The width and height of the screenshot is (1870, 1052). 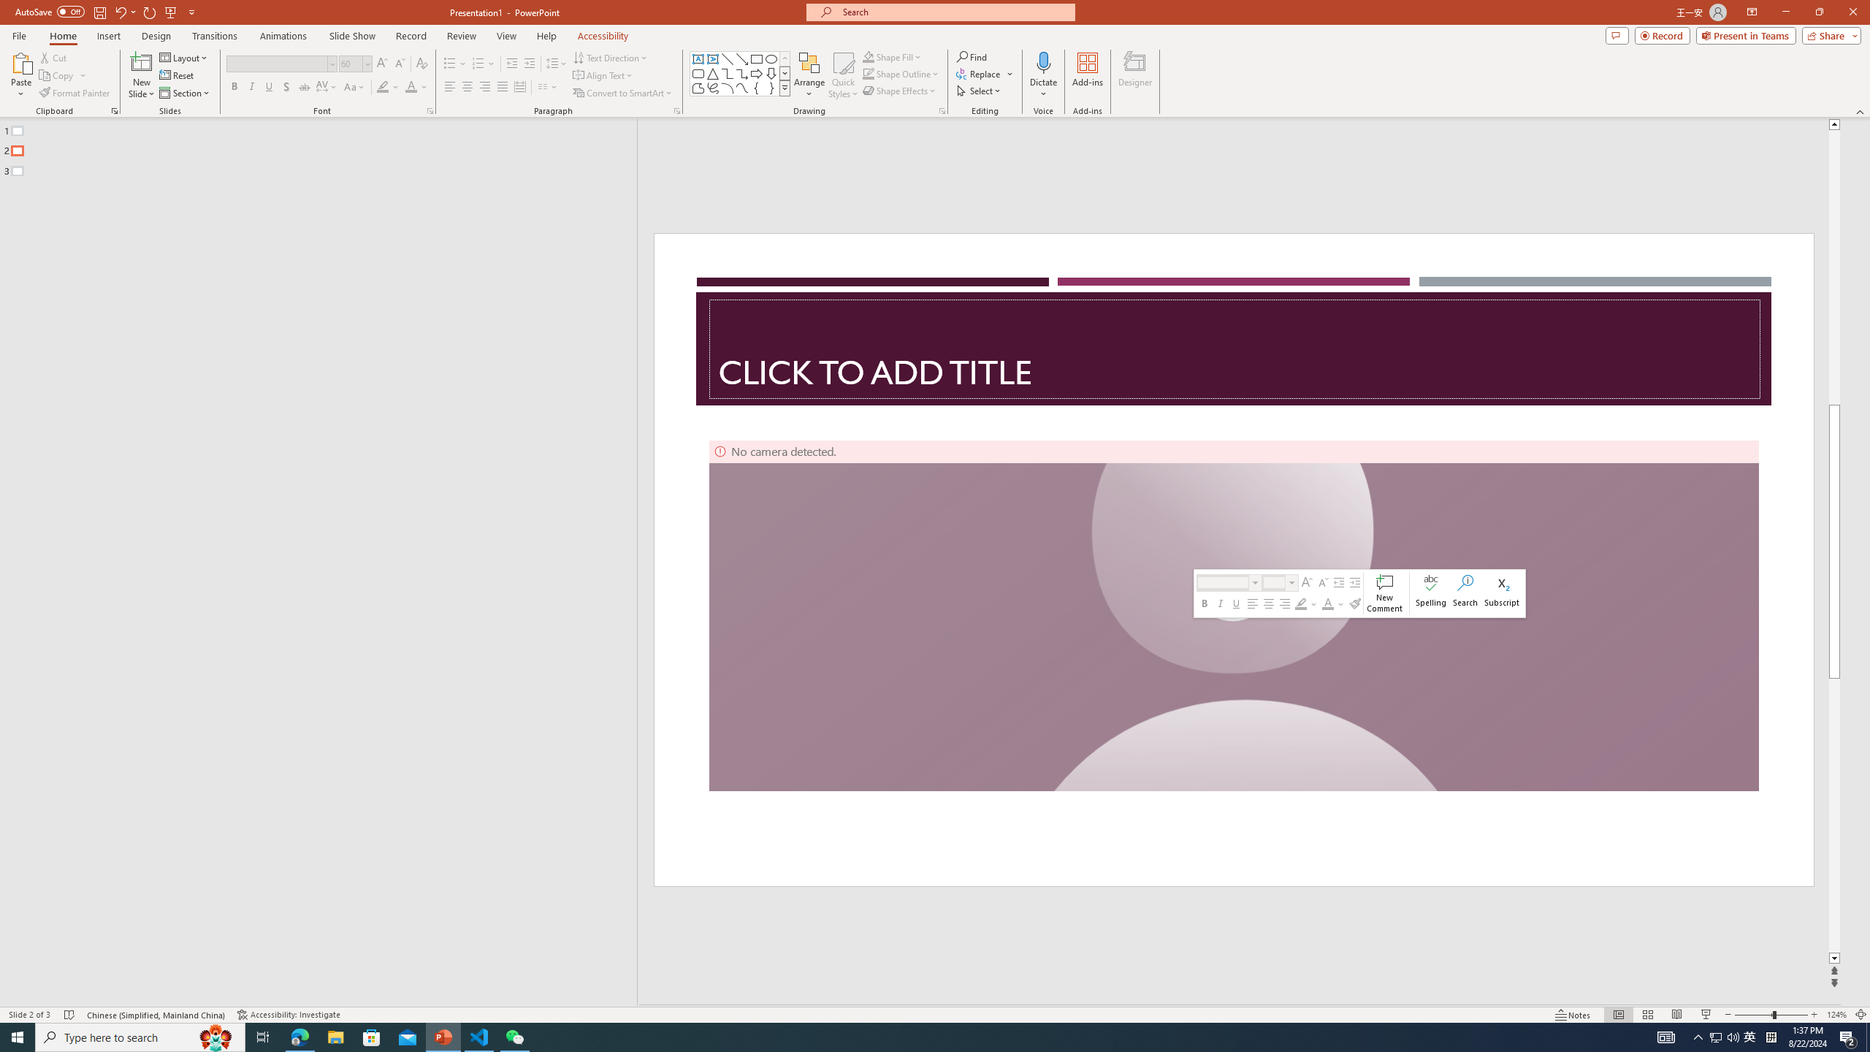 I want to click on 'Strikethrough', so click(x=304, y=86).